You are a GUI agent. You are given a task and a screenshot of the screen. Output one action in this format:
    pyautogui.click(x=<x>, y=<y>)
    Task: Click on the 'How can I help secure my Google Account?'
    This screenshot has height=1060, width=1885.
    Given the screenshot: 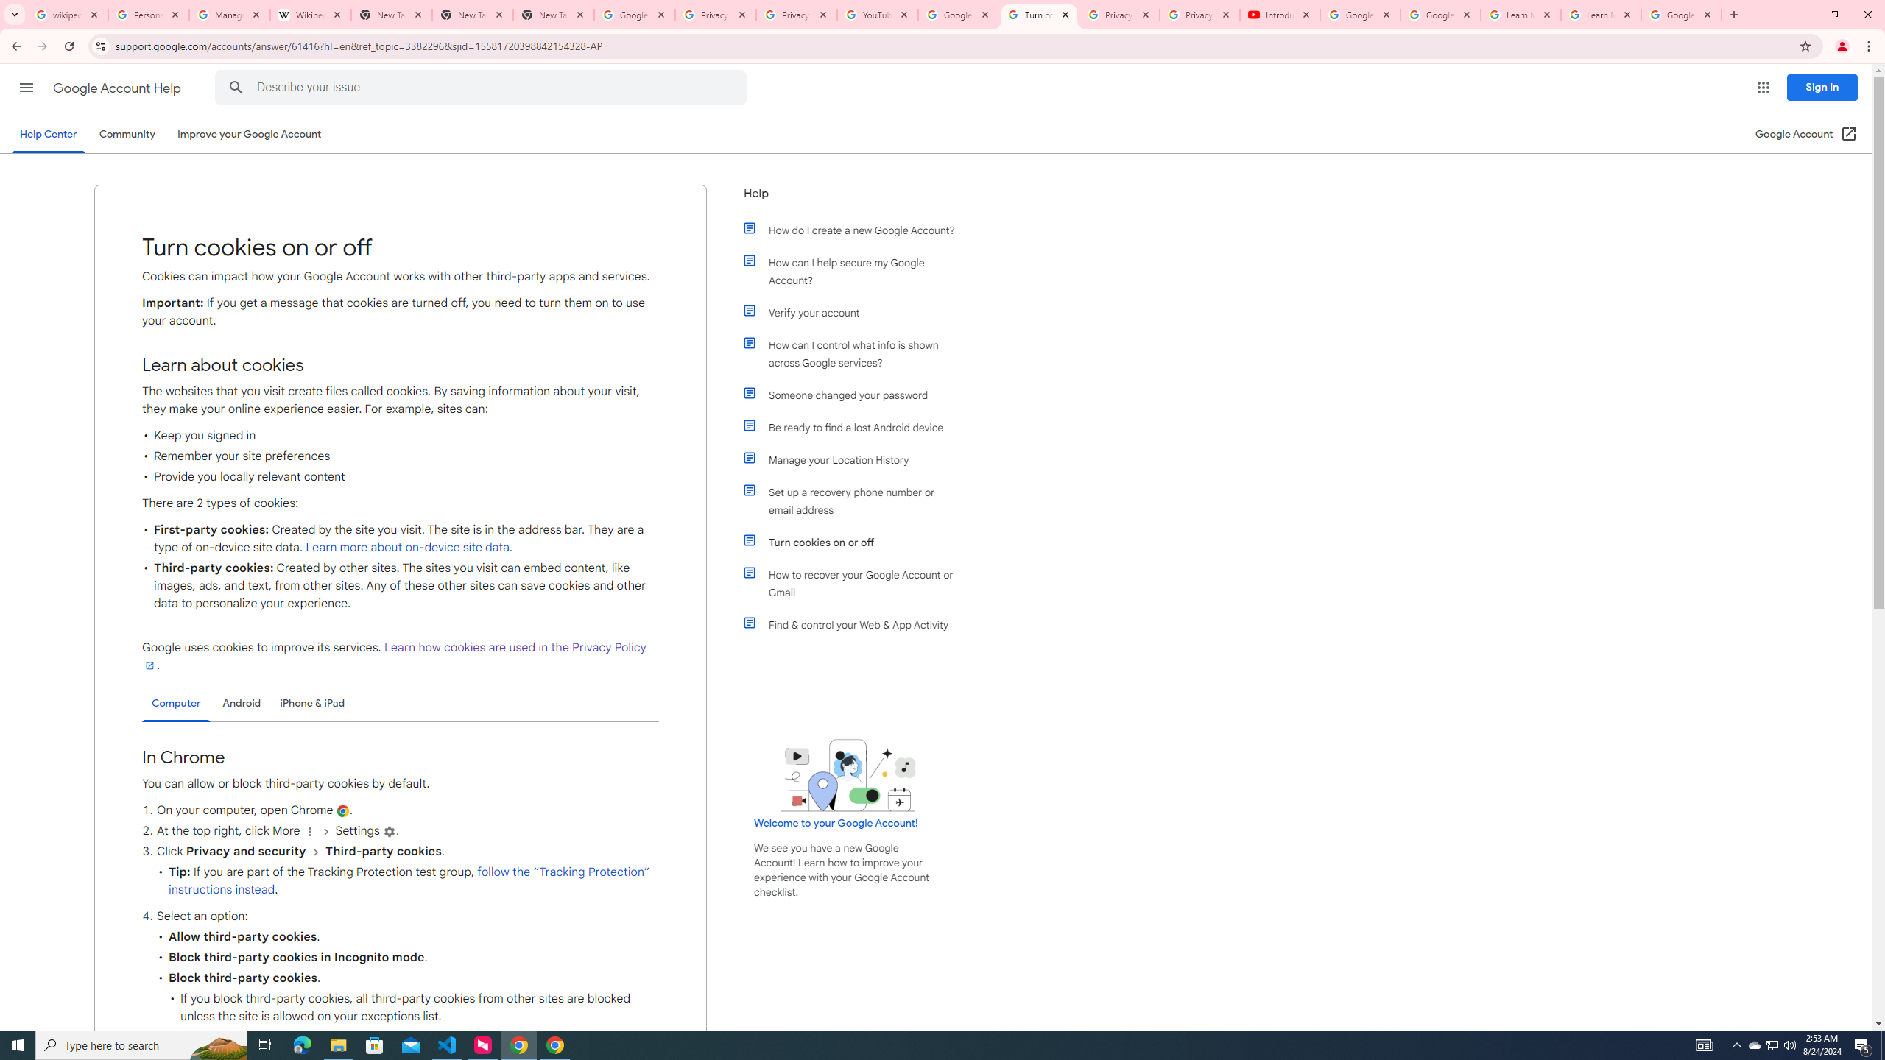 What is the action you would take?
    pyautogui.click(x=856, y=271)
    